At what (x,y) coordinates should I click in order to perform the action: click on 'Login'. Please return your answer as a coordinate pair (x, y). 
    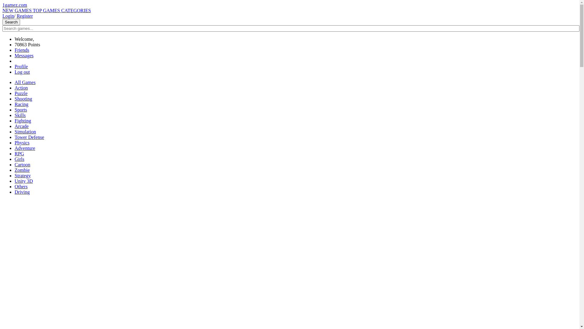
    Looking at the image, I should click on (8, 16).